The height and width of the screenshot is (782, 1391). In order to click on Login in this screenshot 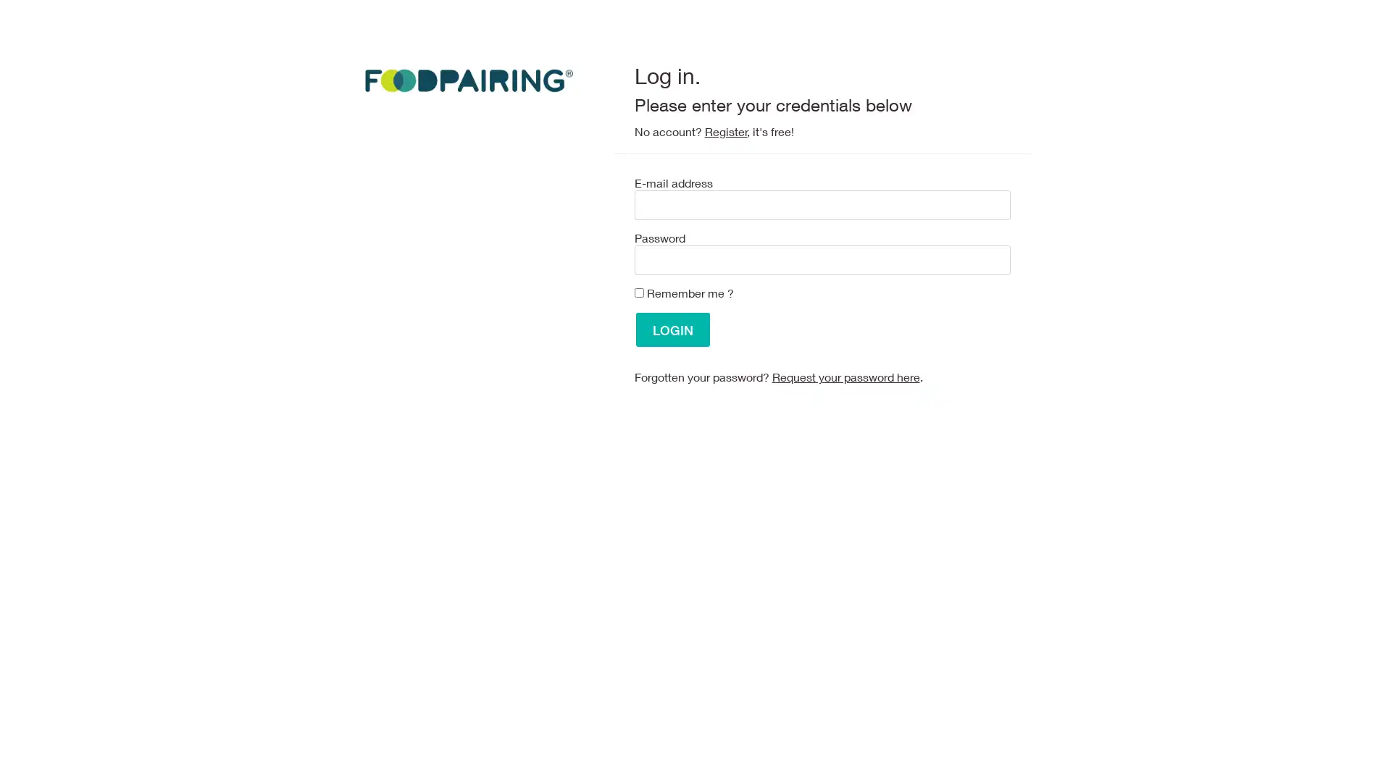, I will do `click(672, 329)`.